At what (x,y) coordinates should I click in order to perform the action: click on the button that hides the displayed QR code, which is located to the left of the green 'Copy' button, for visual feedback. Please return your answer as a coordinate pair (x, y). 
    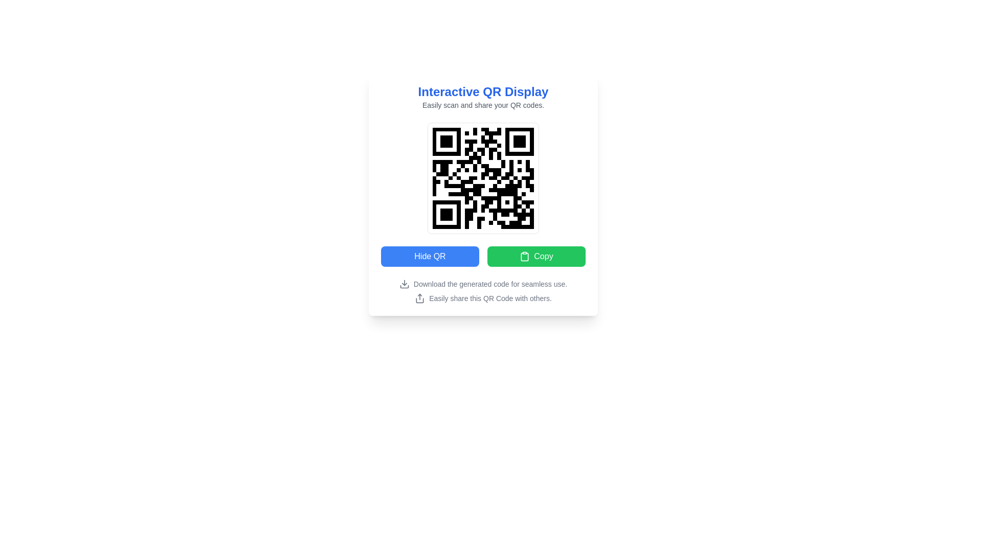
    Looking at the image, I should click on (430, 256).